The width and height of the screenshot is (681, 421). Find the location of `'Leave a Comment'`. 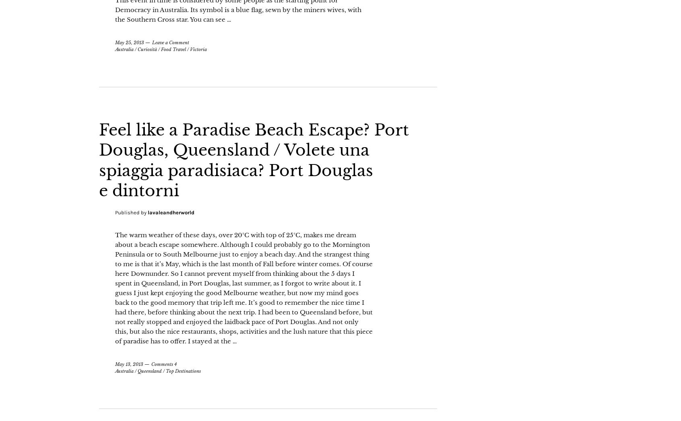

'Leave a Comment' is located at coordinates (170, 63).